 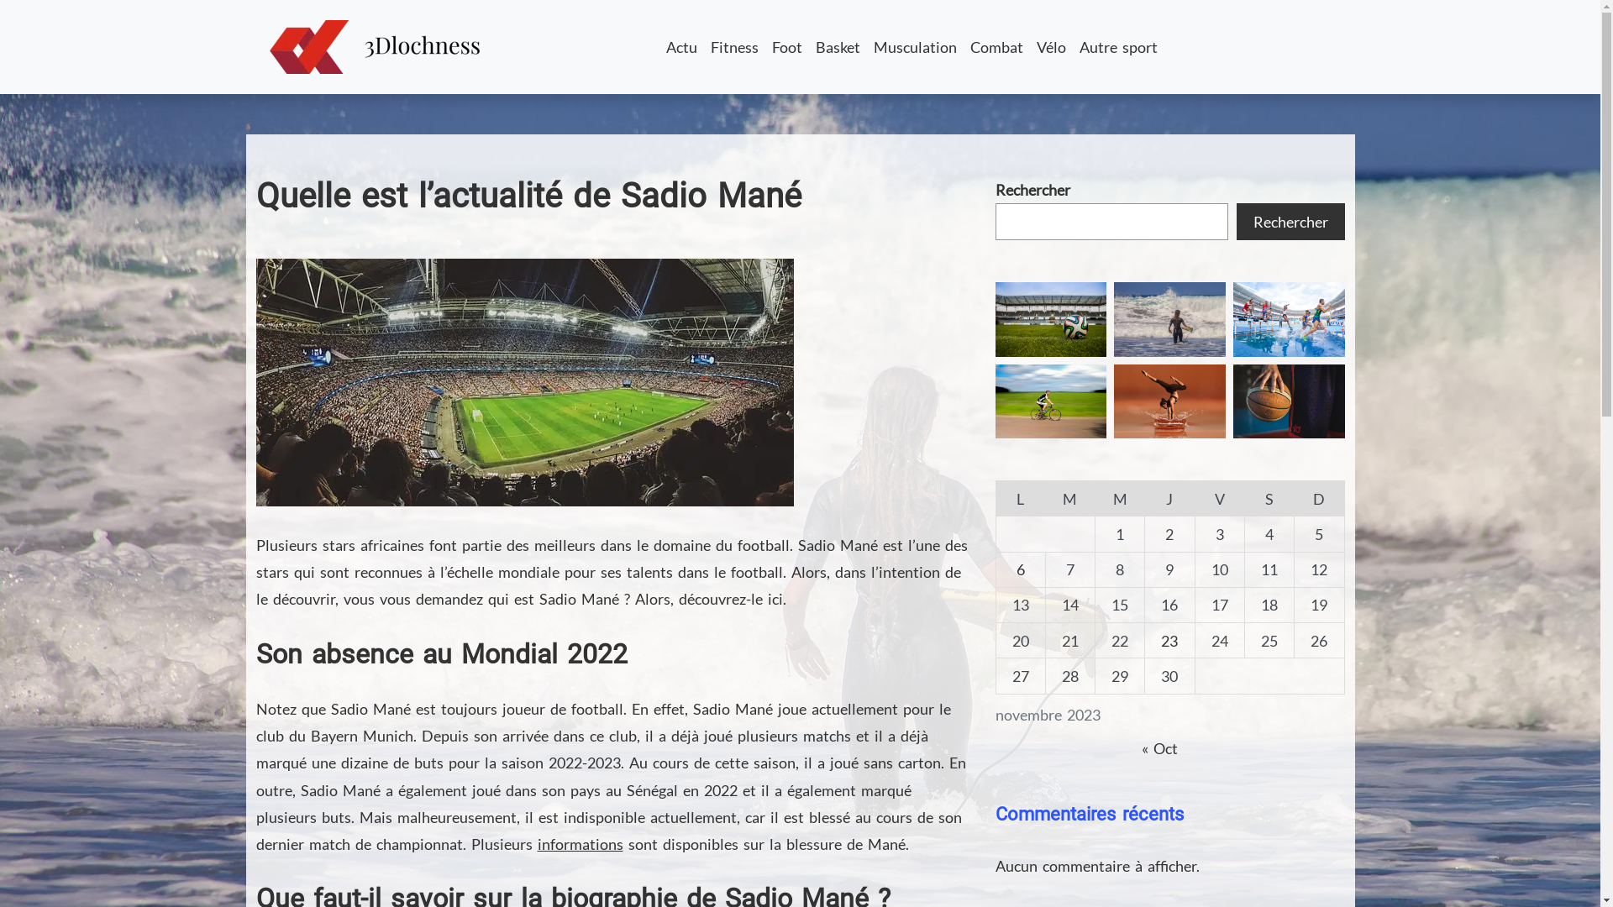 What do you see at coordinates (914, 46) in the screenshot?
I see `'Musculation'` at bounding box center [914, 46].